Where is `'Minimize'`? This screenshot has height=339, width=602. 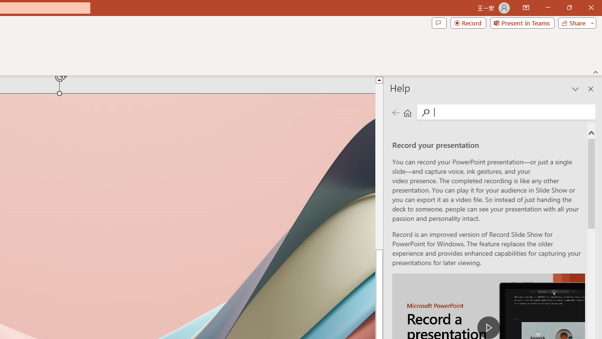
'Minimize' is located at coordinates (547, 8).